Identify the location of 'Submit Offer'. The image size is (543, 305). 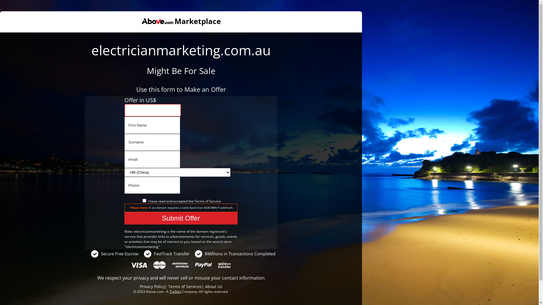
(180, 218).